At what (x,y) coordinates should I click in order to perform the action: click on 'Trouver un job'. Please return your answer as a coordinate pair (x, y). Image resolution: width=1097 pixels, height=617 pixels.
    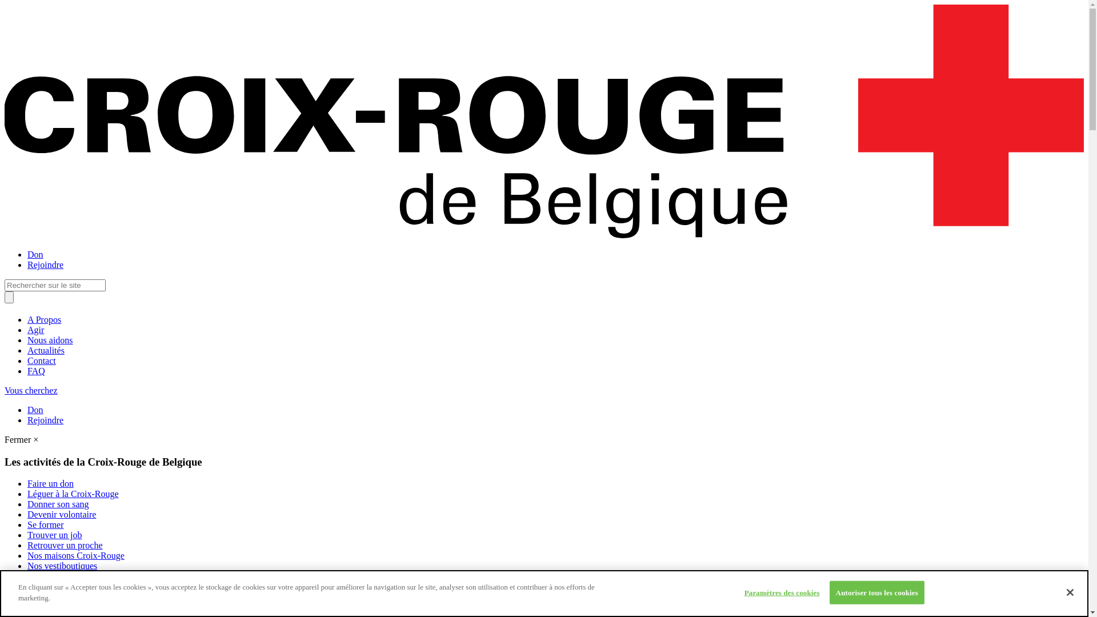
    Looking at the image, I should click on (54, 535).